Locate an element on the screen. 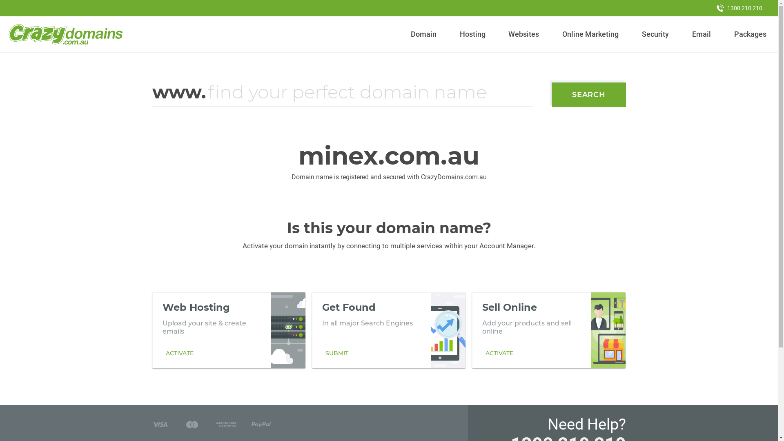 The height and width of the screenshot is (441, 784). '1300 210 210' is located at coordinates (739, 8).